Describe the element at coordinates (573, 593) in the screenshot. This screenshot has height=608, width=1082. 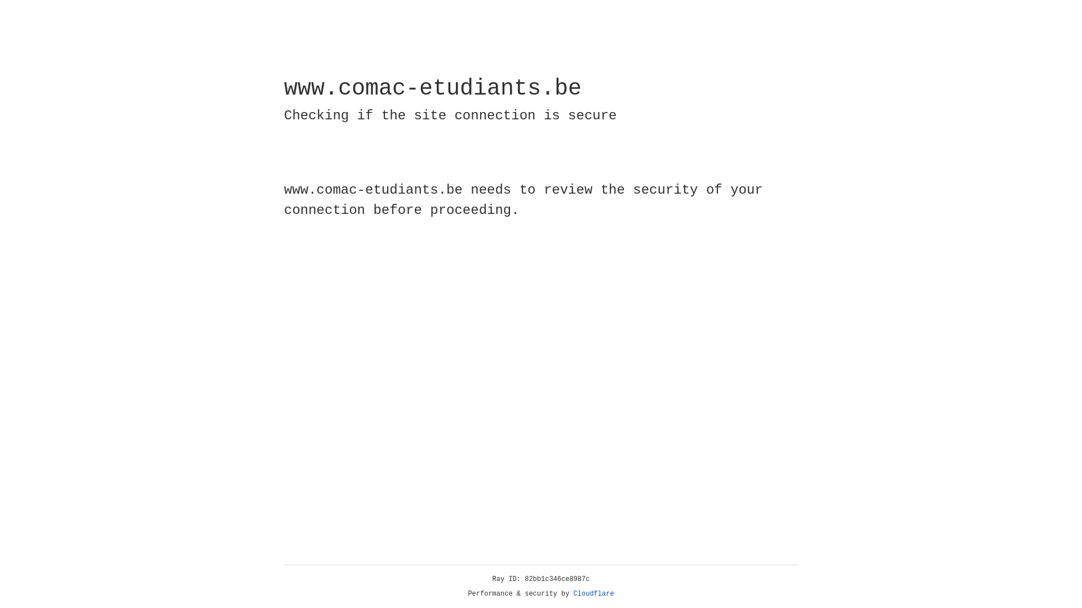
I see `'Cloudflare'` at that location.